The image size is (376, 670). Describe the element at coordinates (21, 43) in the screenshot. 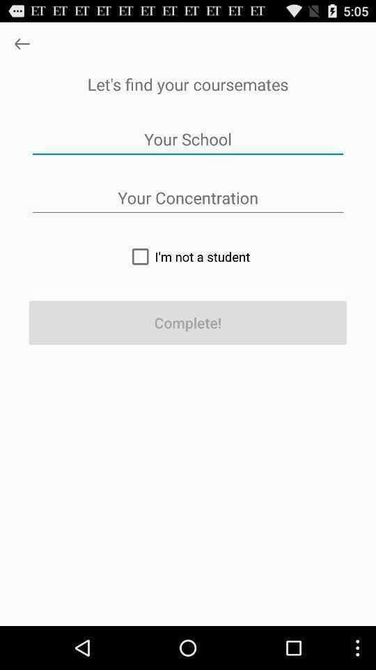

I see `the item at the top left corner` at that location.